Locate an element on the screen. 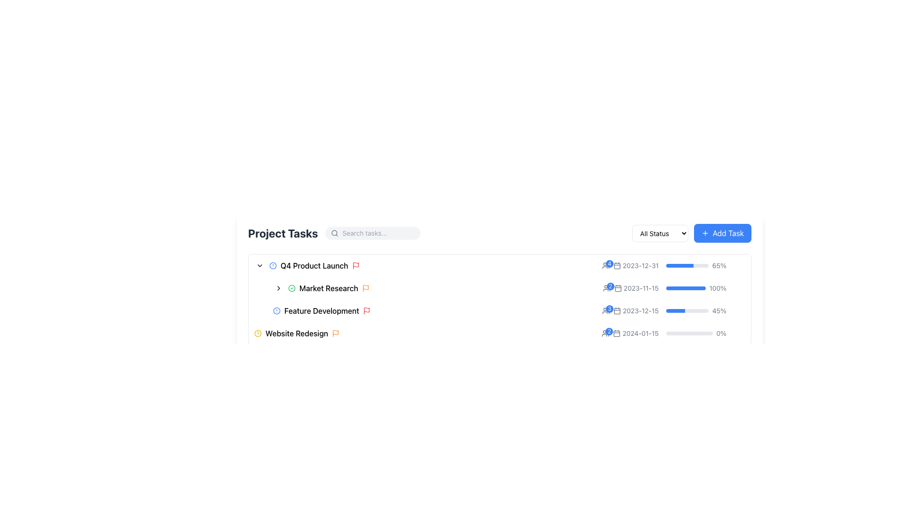  the progress bar that visually represents 45% completion, located on the right side of the 'Feature Development' row, following the date field labeled December 15, 2023 is located at coordinates (673, 310).